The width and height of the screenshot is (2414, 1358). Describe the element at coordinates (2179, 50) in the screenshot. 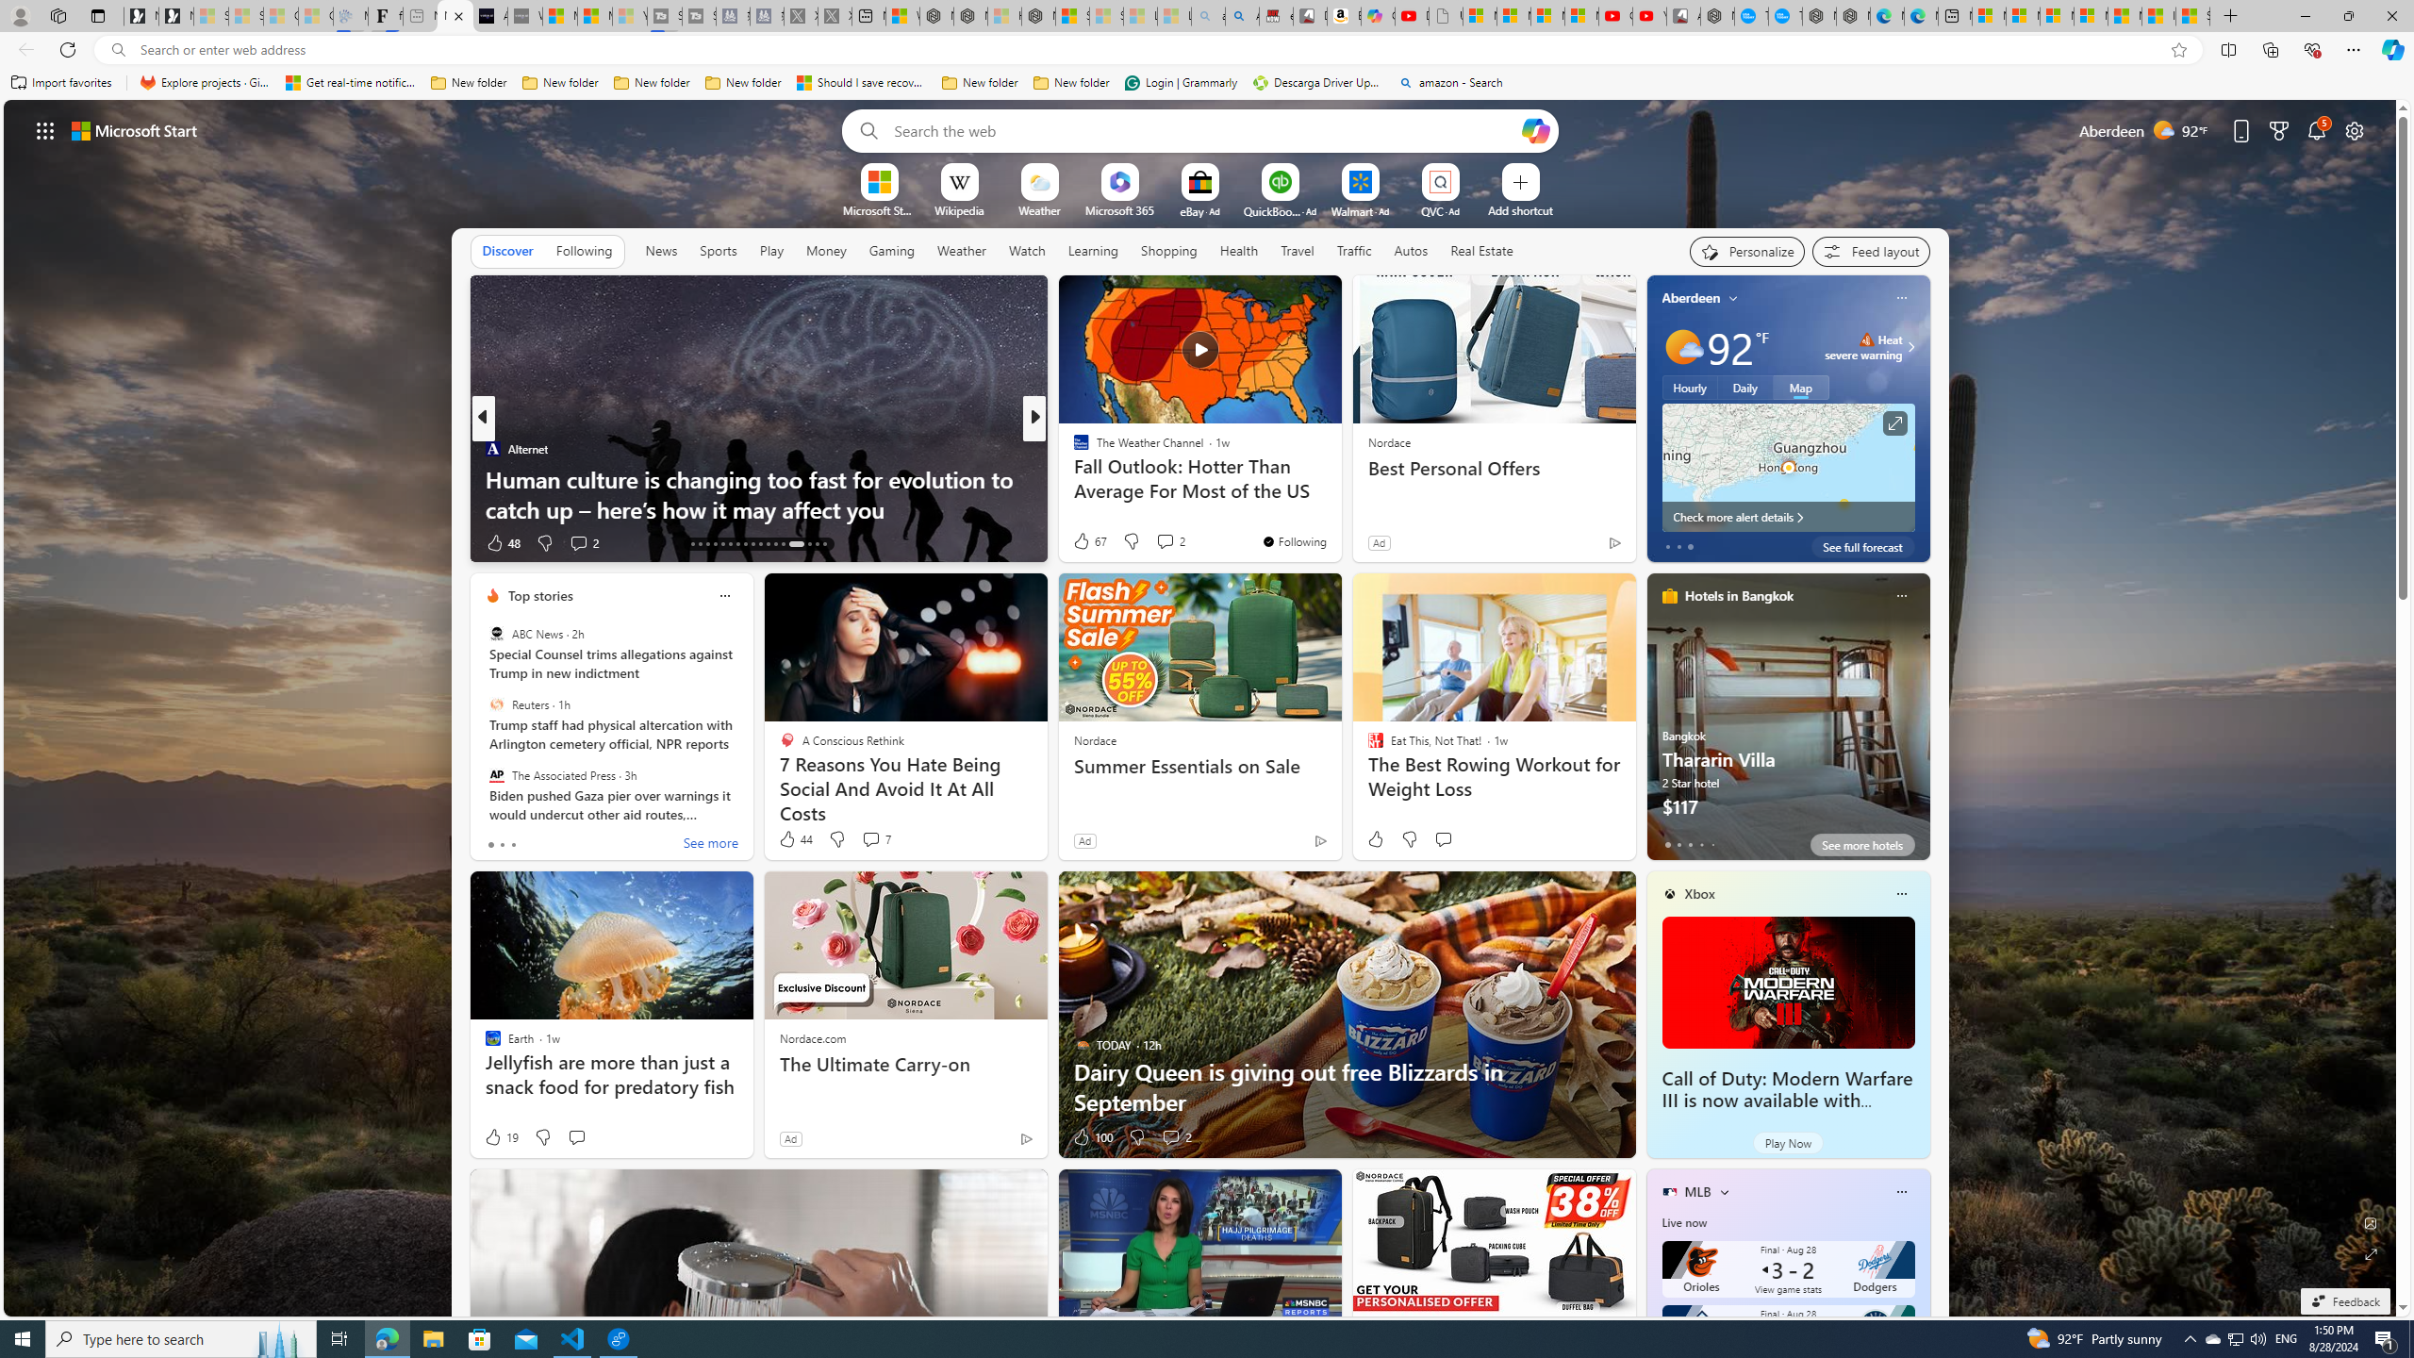

I see `'Add this page to favorites (Ctrl+D)'` at that location.